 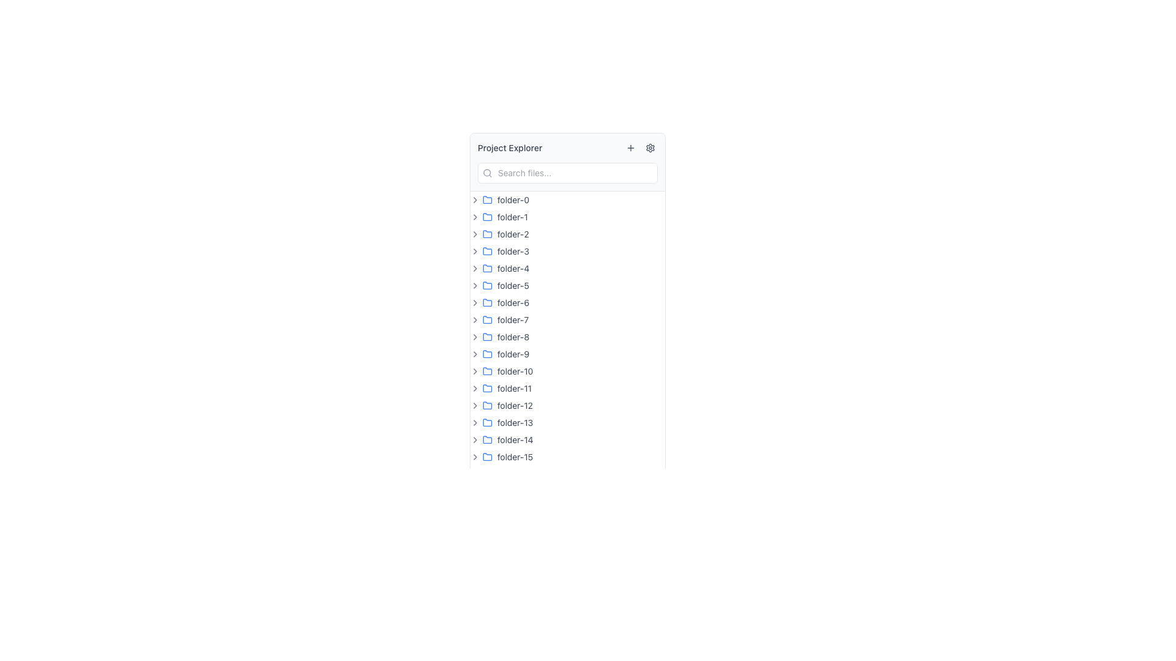 What do you see at coordinates (475, 354) in the screenshot?
I see `the button located to the left of the text 'folder-9'` at bounding box center [475, 354].